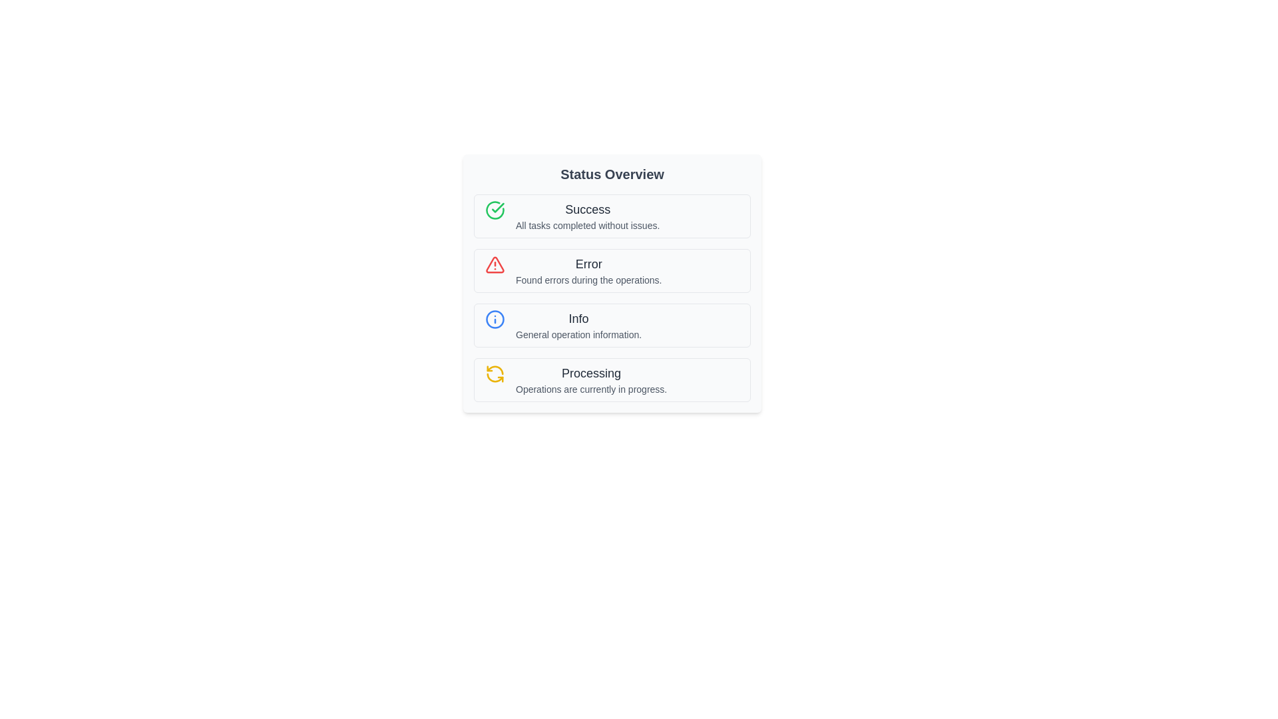  I want to click on the informational content icon located in the third row of the list, positioned to the far left before the text 'Info' and 'General operation information.', so click(495, 319).